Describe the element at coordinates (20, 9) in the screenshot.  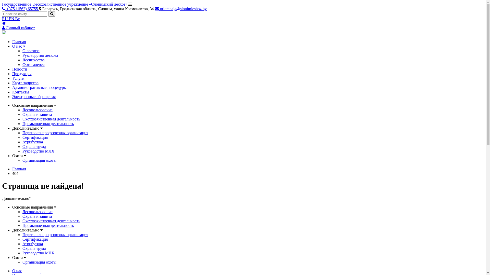
I see `'+375 (1562) 65755'` at that location.